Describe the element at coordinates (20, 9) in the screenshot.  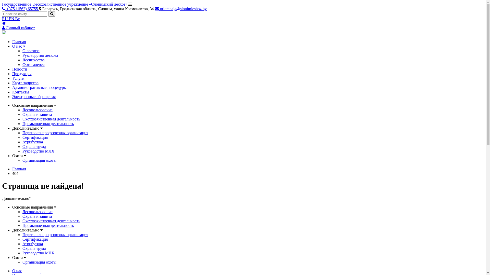
I see `'+375 (1562) 65755'` at that location.